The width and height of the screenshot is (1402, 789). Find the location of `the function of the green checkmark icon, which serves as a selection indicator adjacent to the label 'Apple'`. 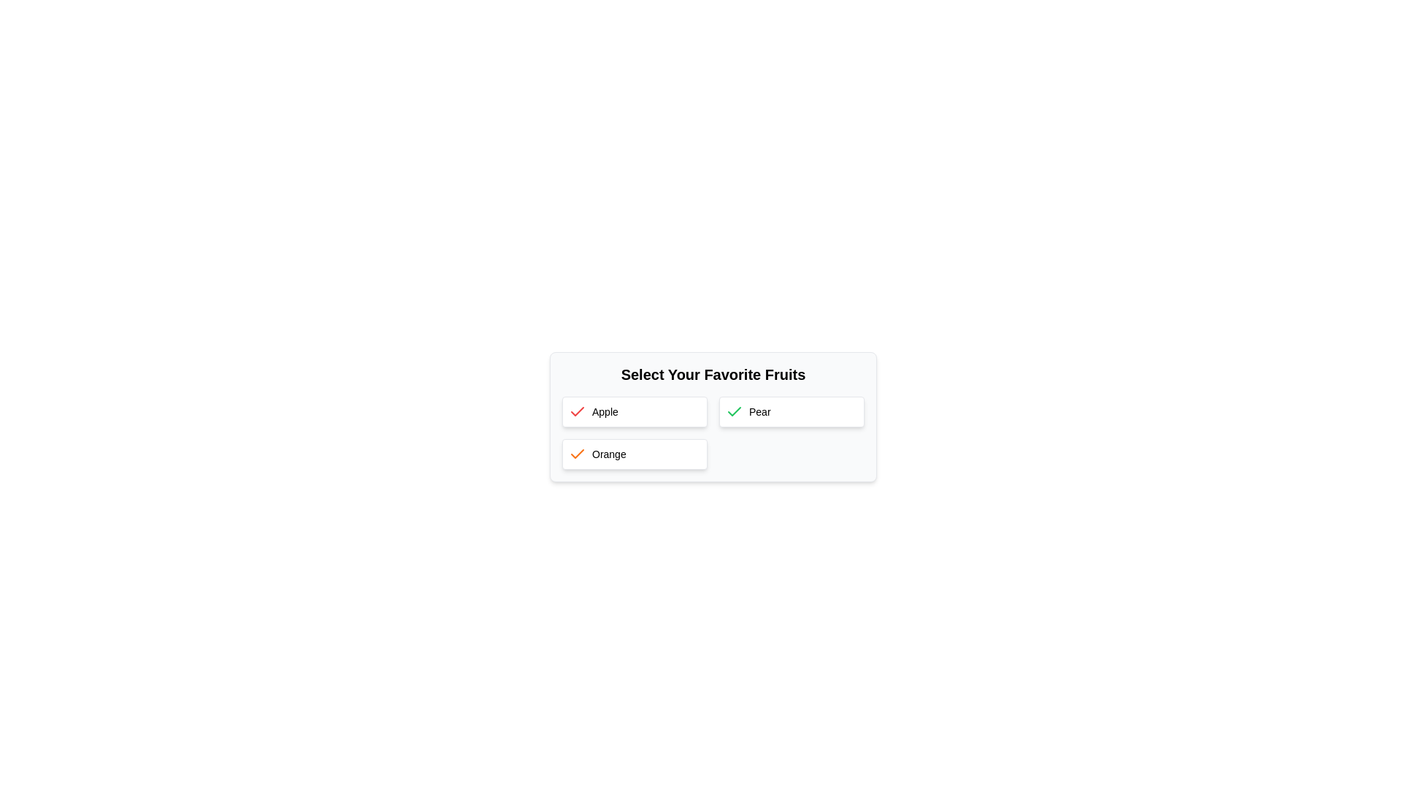

the function of the green checkmark icon, which serves as a selection indicator adjacent to the label 'Apple' is located at coordinates (735, 411).